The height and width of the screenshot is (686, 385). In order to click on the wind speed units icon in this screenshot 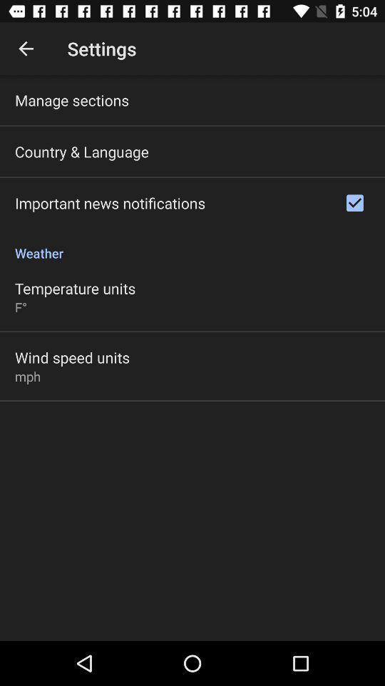, I will do `click(71, 357)`.